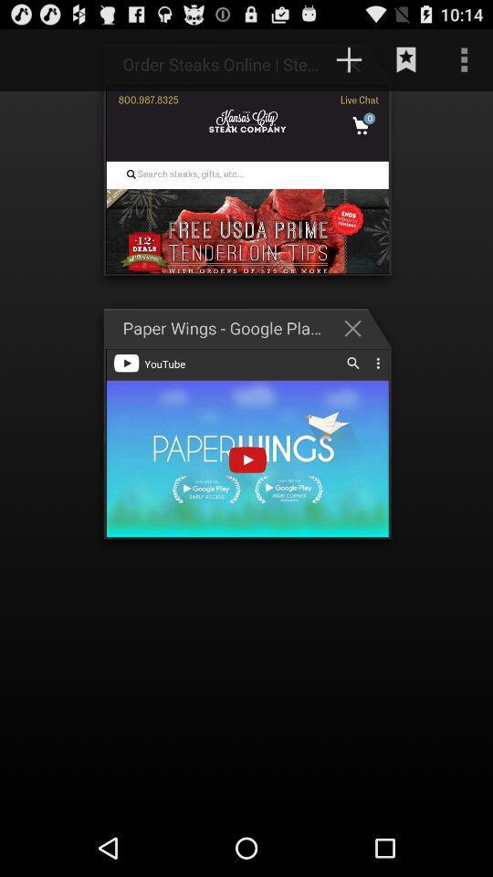  Describe the element at coordinates (357, 69) in the screenshot. I see `the add icon` at that location.